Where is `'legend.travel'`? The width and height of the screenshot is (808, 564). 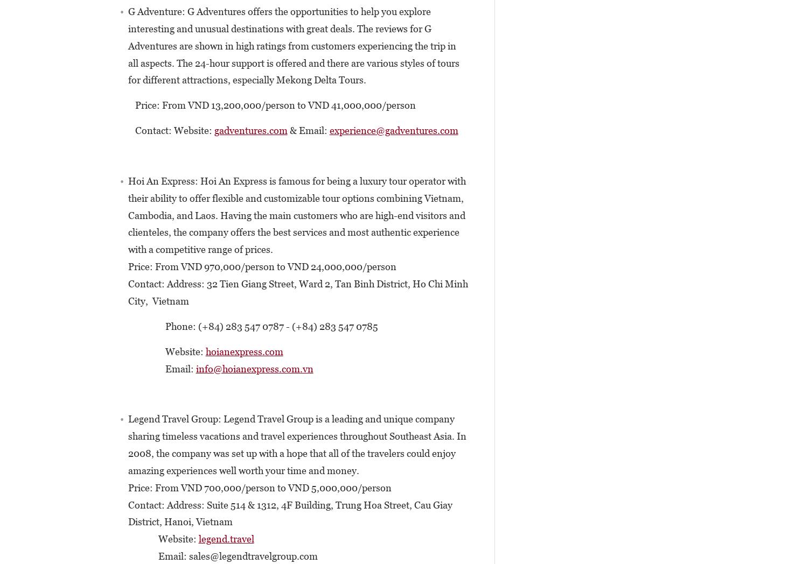
'legend.travel' is located at coordinates (226, 538).